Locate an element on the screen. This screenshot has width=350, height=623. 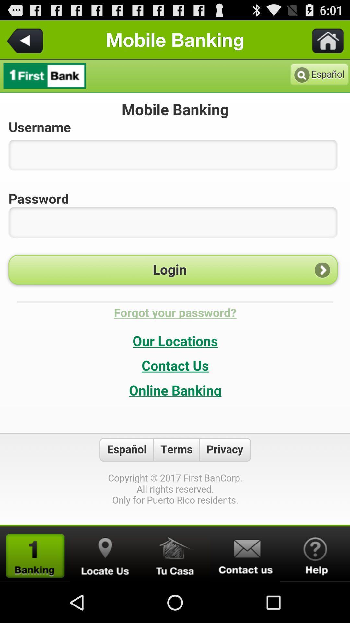
go home is located at coordinates (324, 39).